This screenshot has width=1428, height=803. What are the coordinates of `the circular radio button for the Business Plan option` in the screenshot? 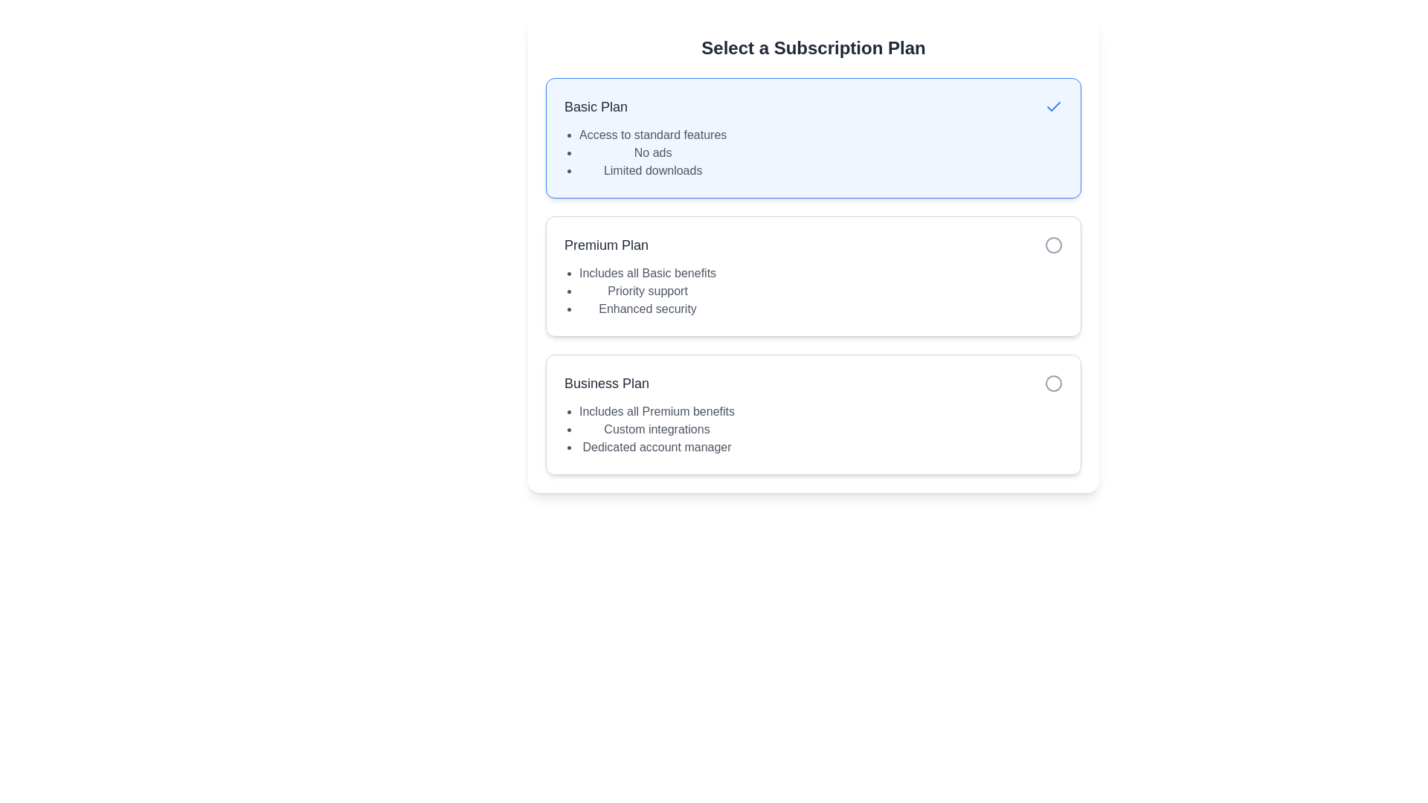 It's located at (1052, 383).